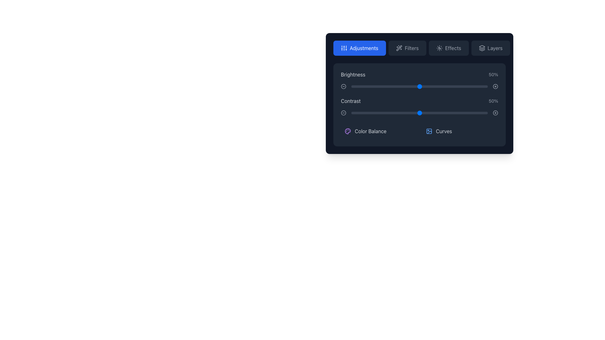 The image size is (605, 340). Describe the element at coordinates (475, 86) in the screenshot. I see `Brightness slider` at that location.